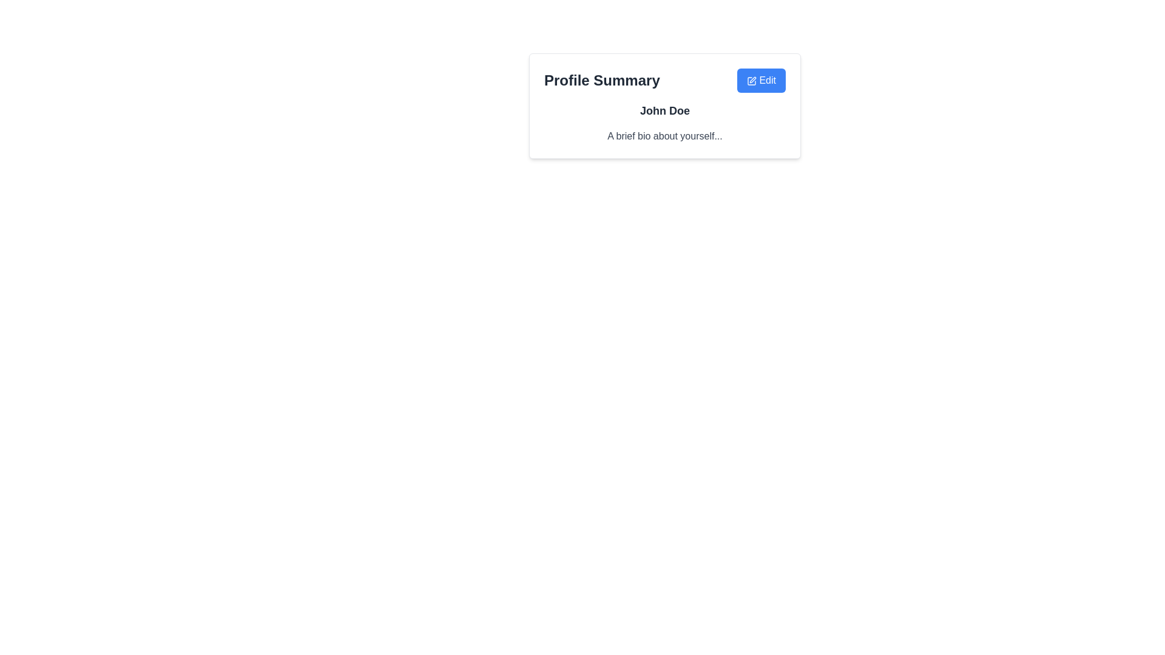  I want to click on the 'Edit' button with a blue background and rounded corners located to the right of the 'Profile Summary' header to change its background color to a darker blue, so click(760, 80).